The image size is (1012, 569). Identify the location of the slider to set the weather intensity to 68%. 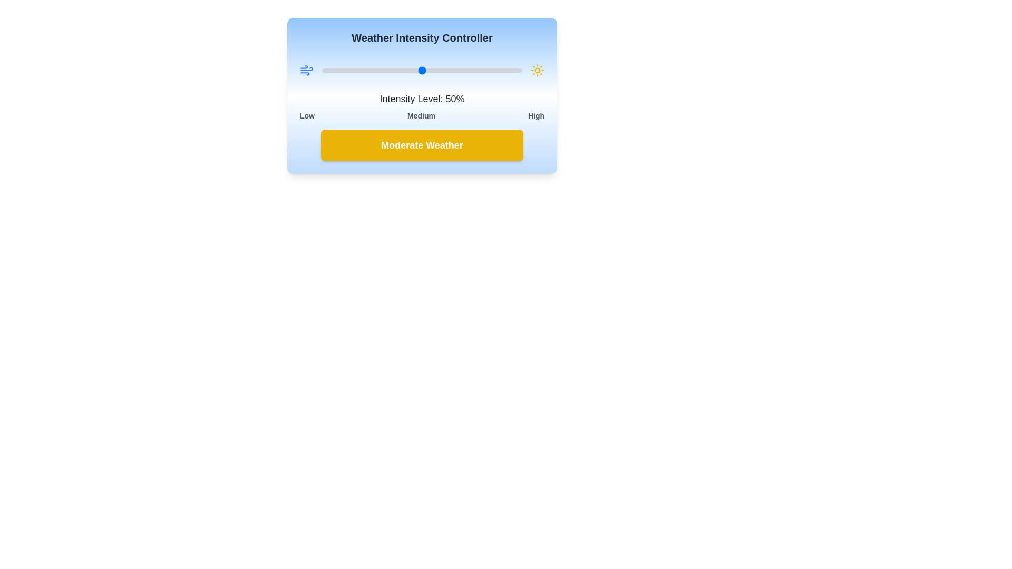
(458, 71).